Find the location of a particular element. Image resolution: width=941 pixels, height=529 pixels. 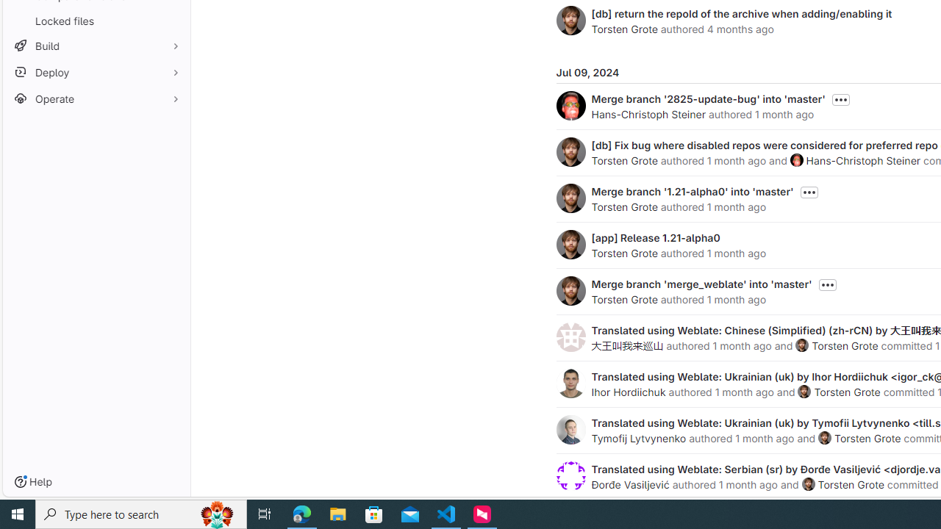

'Deploy' is located at coordinates (96, 72).